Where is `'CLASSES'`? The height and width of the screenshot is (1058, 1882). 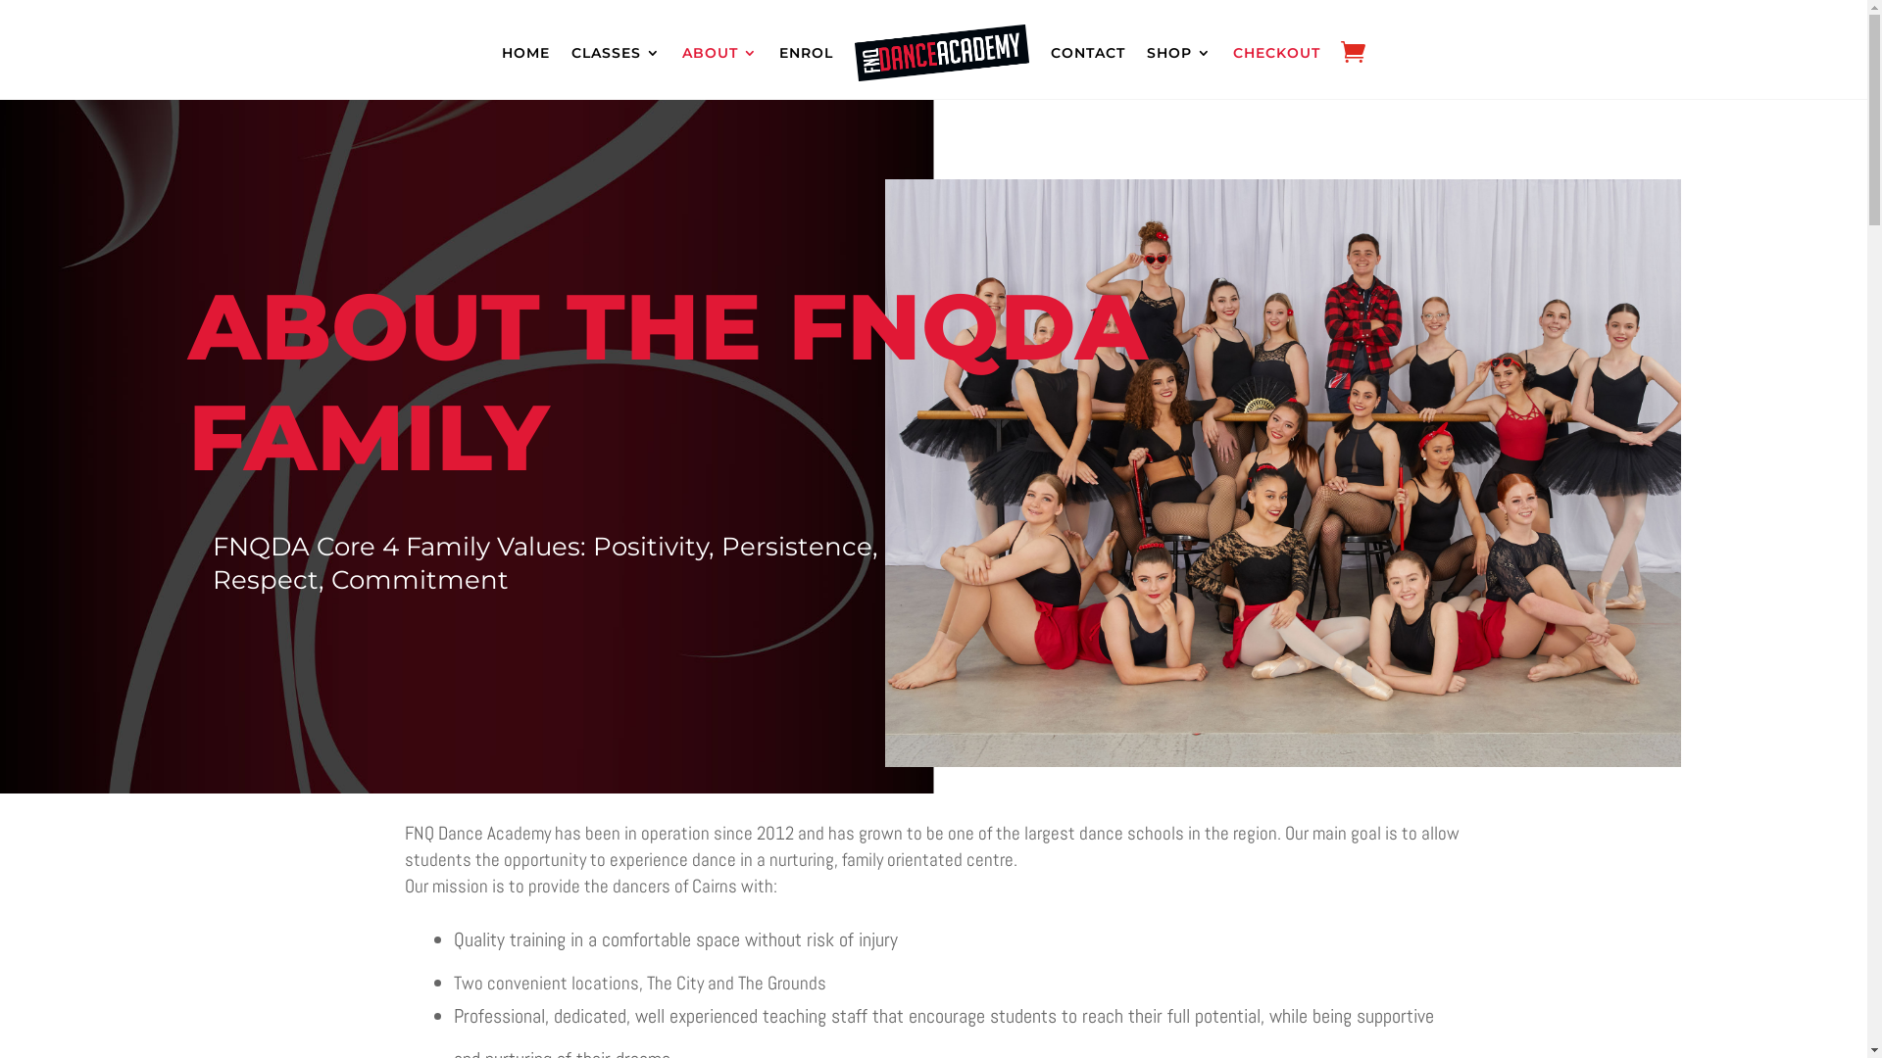 'CLASSES' is located at coordinates (569, 52).